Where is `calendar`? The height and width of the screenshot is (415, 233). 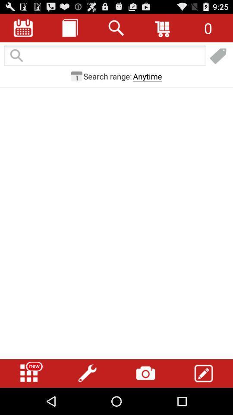 calendar is located at coordinates (76, 76).